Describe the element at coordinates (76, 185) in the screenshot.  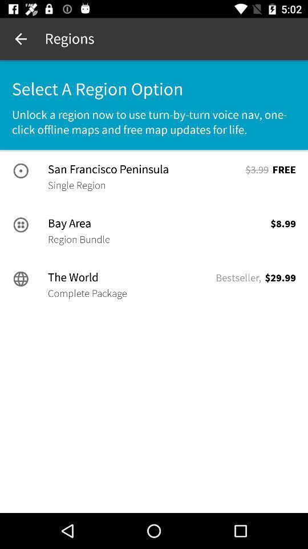
I see `item above the bay area icon` at that location.